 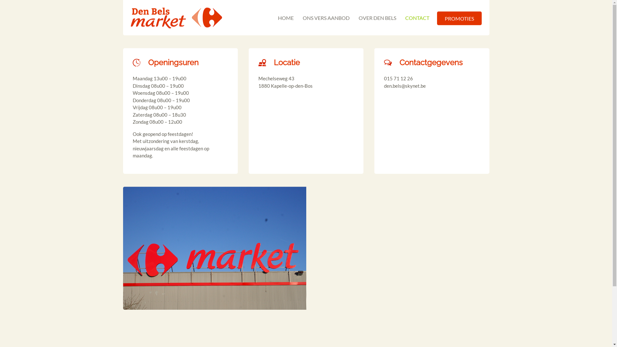 What do you see at coordinates (377, 17) in the screenshot?
I see `'OVER DEN BELS'` at bounding box center [377, 17].